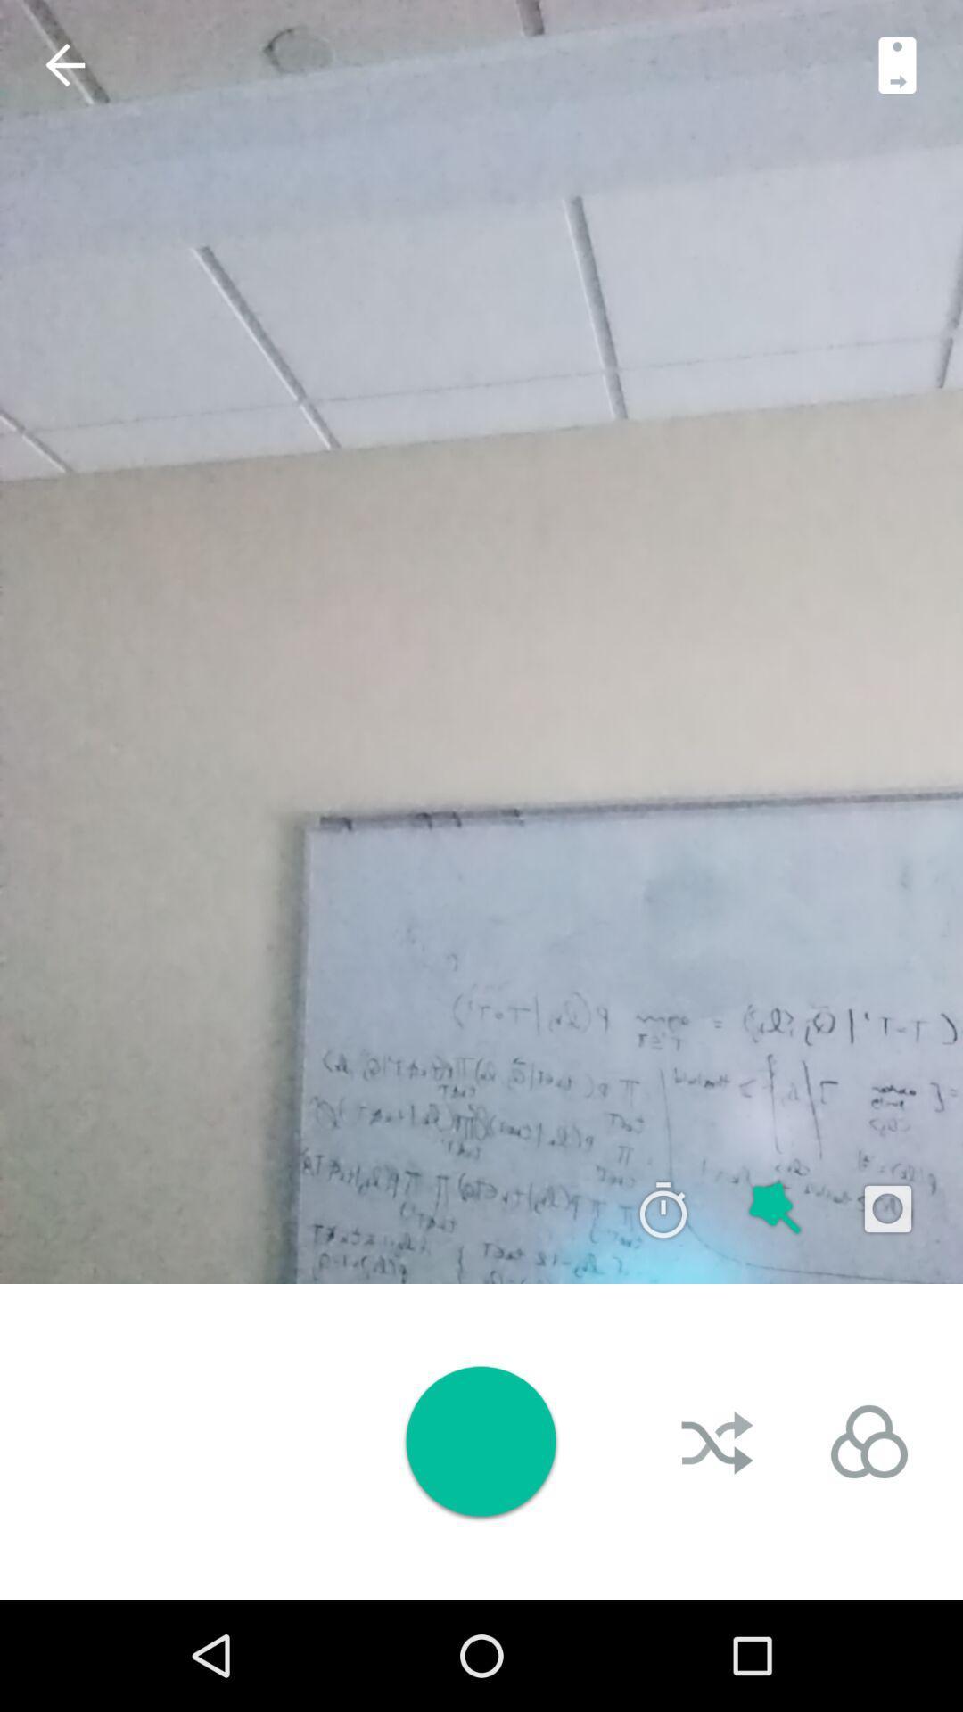 The width and height of the screenshot is (963, 1712). I want to click on adjust zoom level, so click(897, 65).